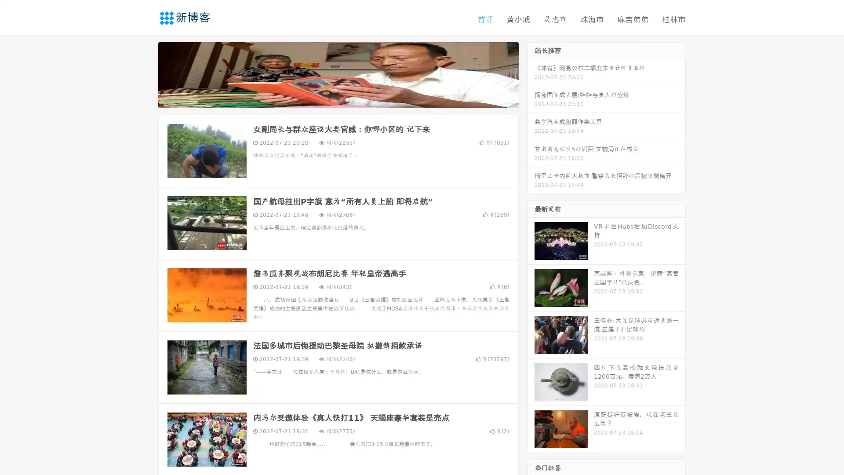  I want to click on Next slide, so click(531, 74).